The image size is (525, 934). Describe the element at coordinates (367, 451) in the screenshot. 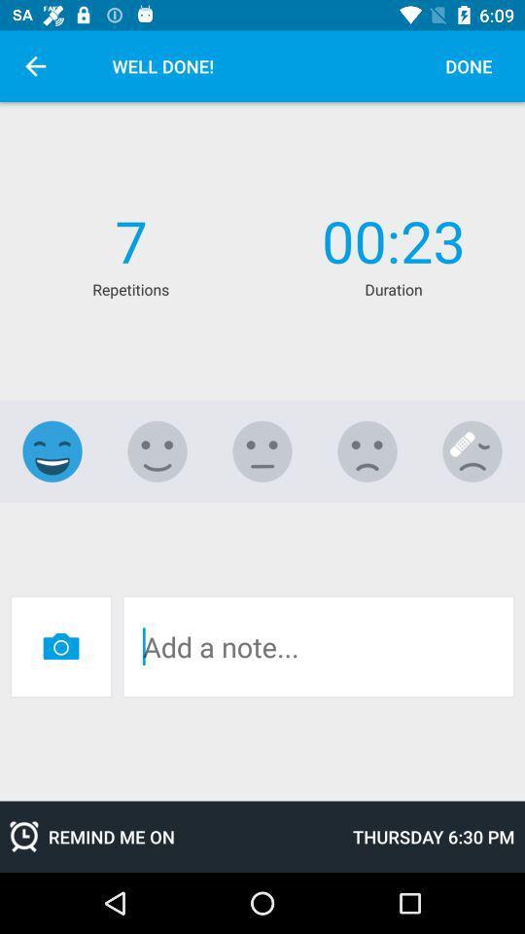

I see `somewhat dislike` at that location.